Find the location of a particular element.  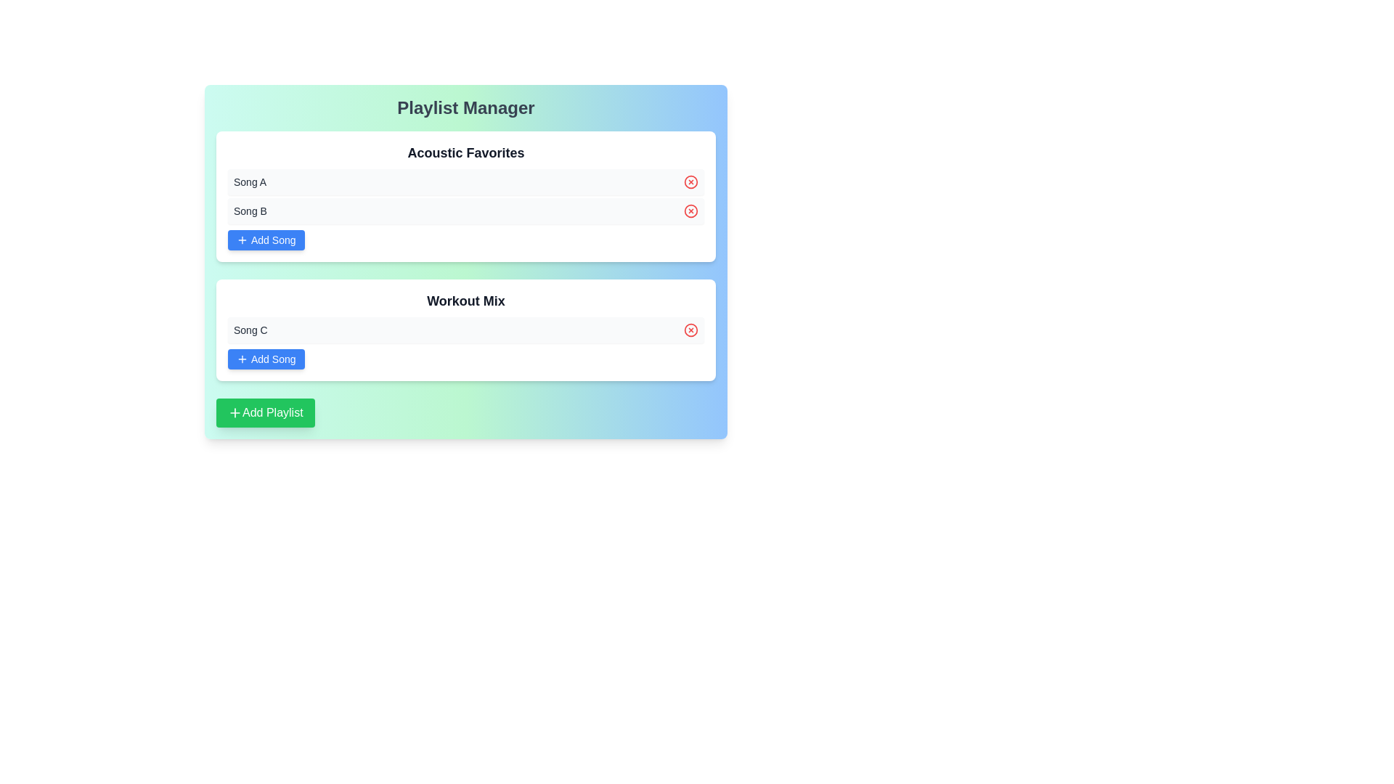

the 'Add Song' button located in the lower section of the 'Workout Mix' card, which has a blue background, white text, and a '+' icon is located at coordinates (266, 359).